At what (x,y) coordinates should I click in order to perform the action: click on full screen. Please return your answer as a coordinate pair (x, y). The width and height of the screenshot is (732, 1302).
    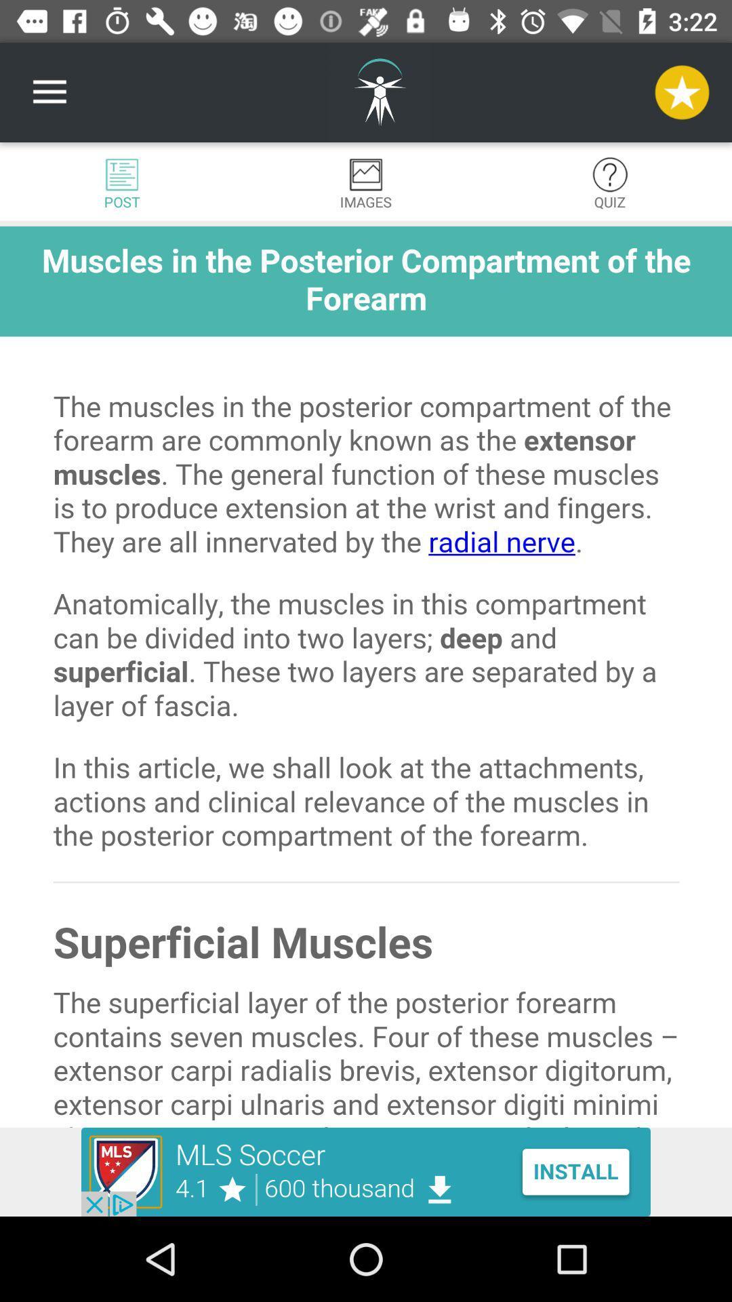
    Looking at the image, I should click on (366, 677).